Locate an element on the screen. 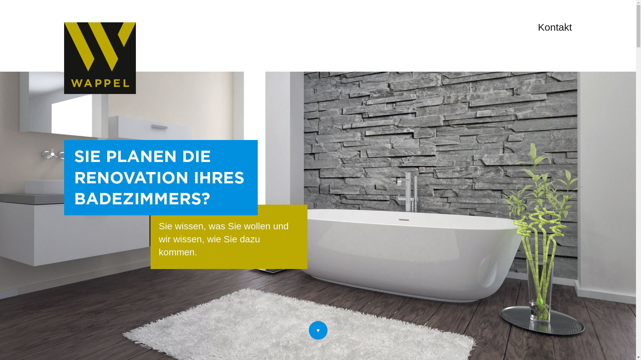  'Kontakt' is located at coordinates (555, 27).